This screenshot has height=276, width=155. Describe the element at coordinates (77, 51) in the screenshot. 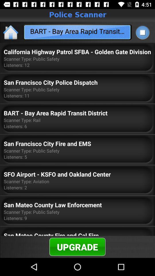

I see `california highway patrol item` at that location.